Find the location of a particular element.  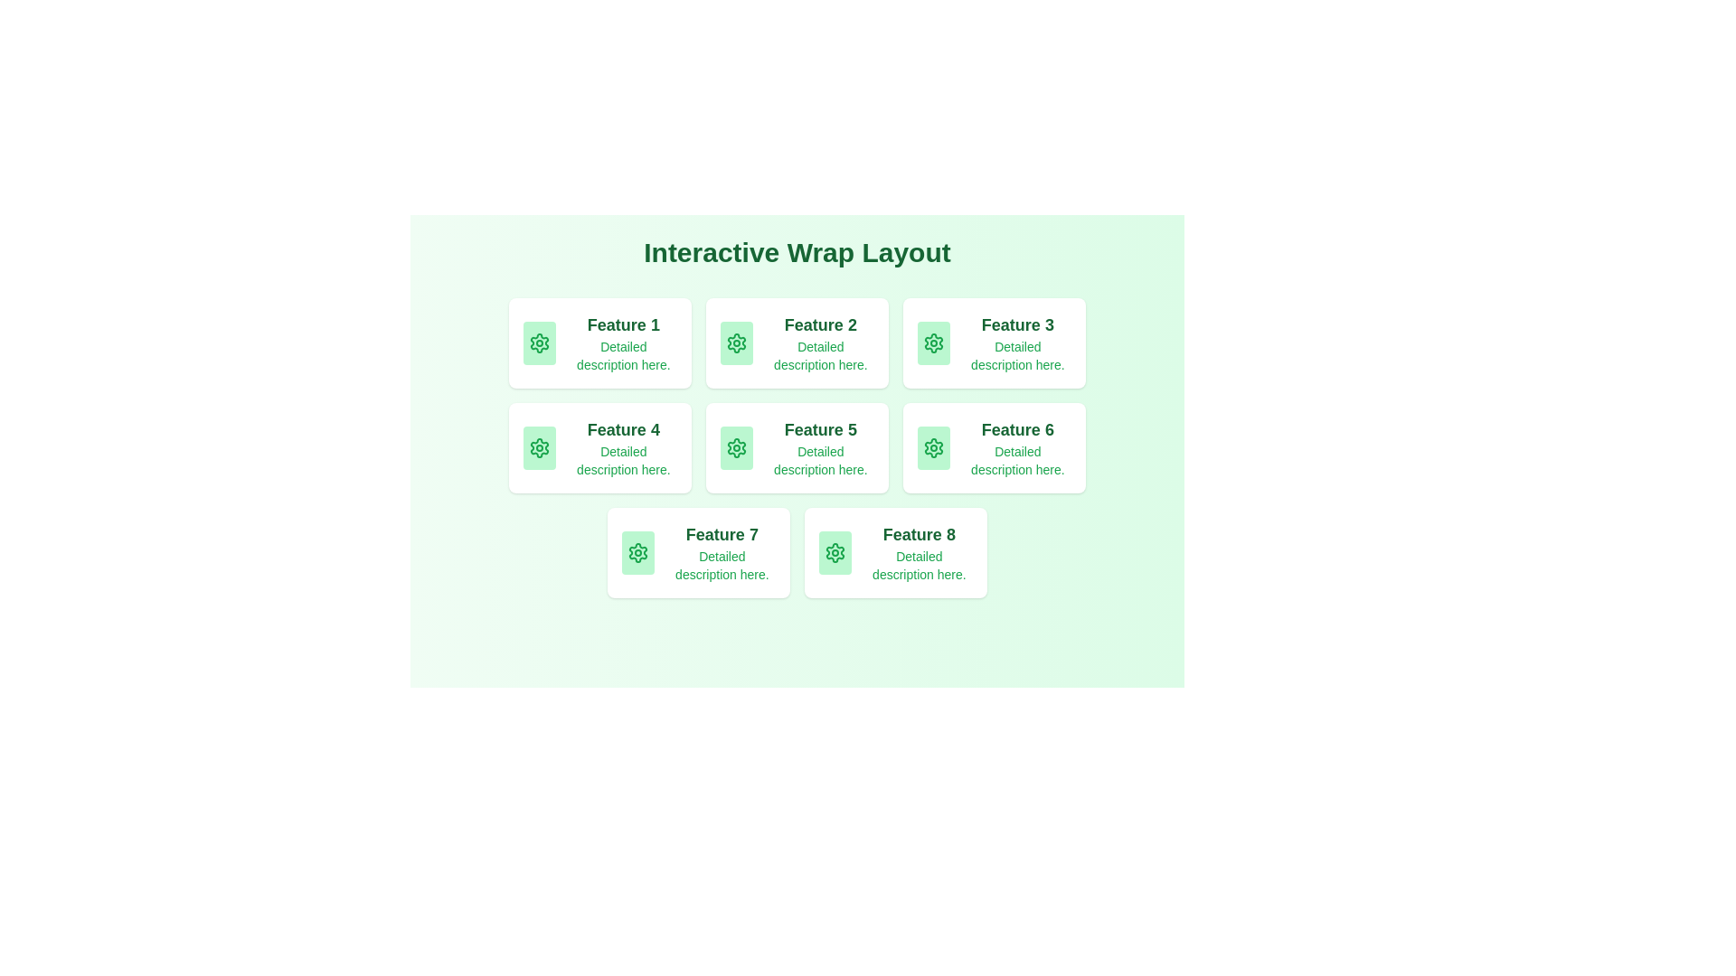

the feature card component located in the first row and second column of the grid layout, positioned between 'Feature 1' and 'Feature 3', by clicking on its text or icon is located at coordinates (797, 343).